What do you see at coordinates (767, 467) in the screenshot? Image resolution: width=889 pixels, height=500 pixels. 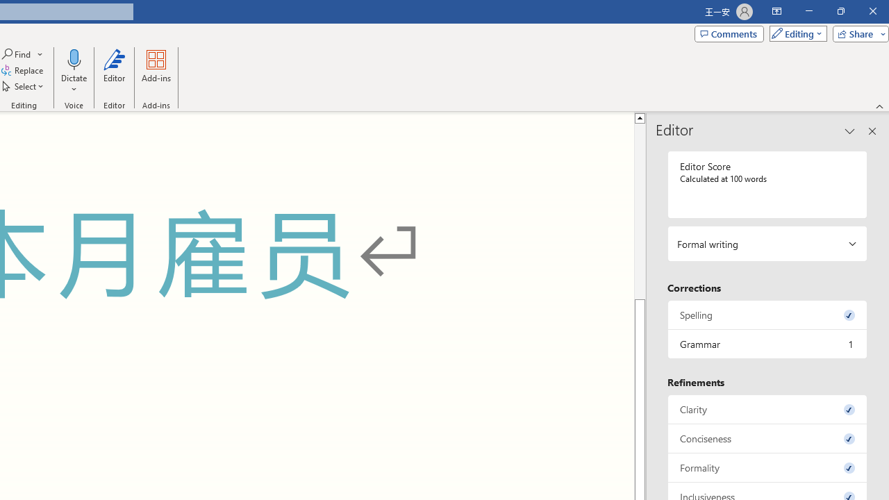 I see `'Formality, 0 issues. Press space or enter to review items.'` at bounding box center [767, 467].